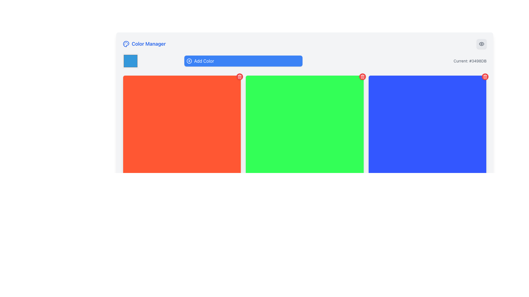  I want to click on the circular red button with a white trashcan icon located at the top-right corner of the blue card, so click(485, 76).